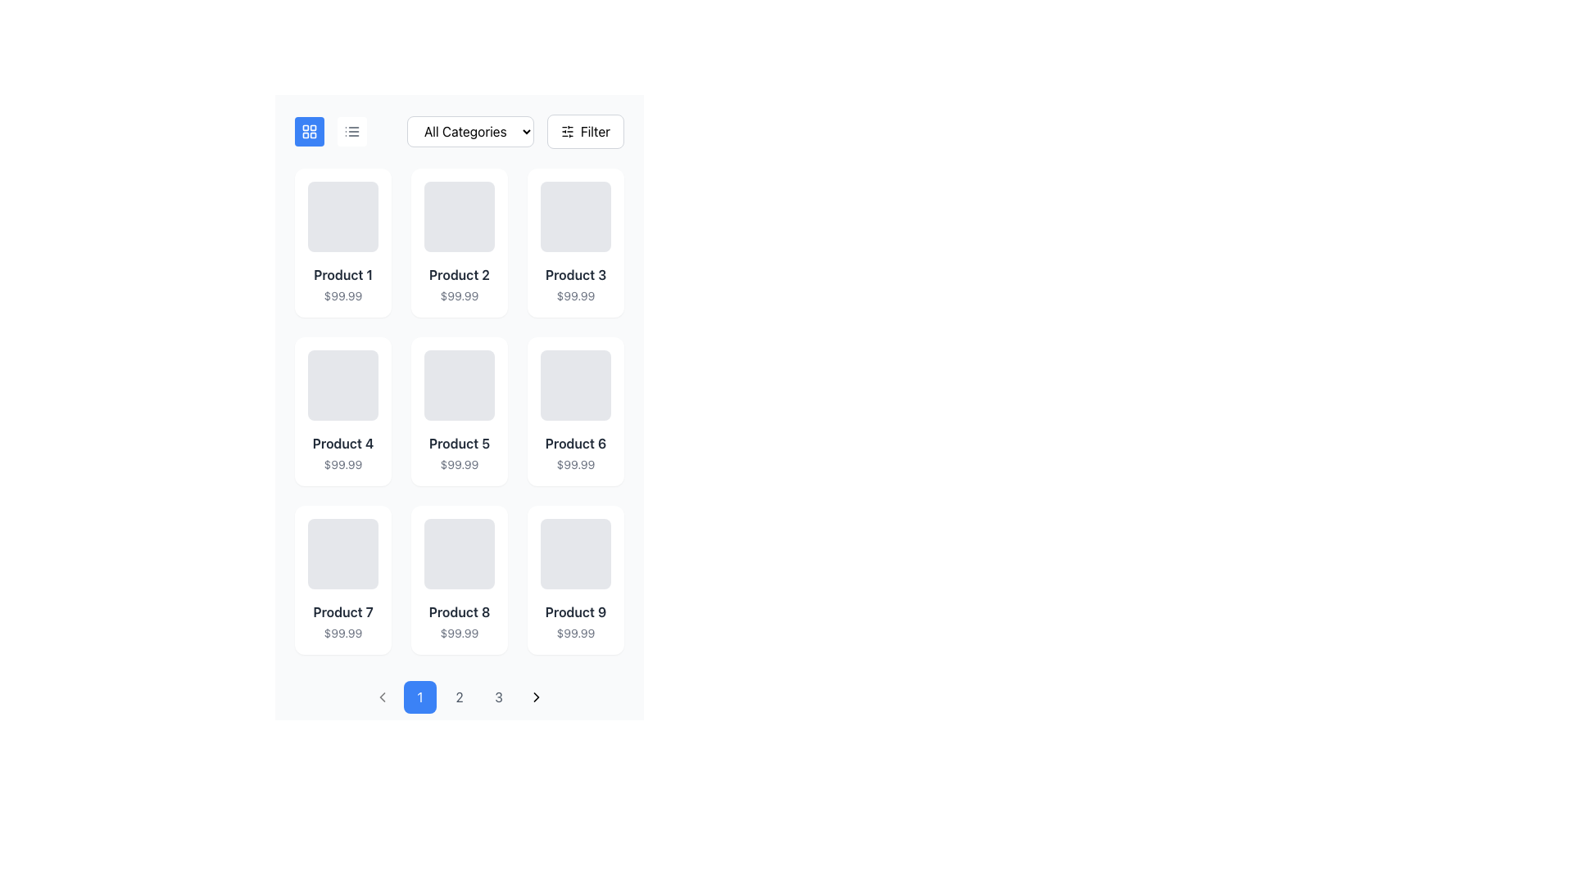 The width and height of the screenshot is (1573, 884). I want to click on the pagination button located at the far right of the pagination controls, so click(536, 697).